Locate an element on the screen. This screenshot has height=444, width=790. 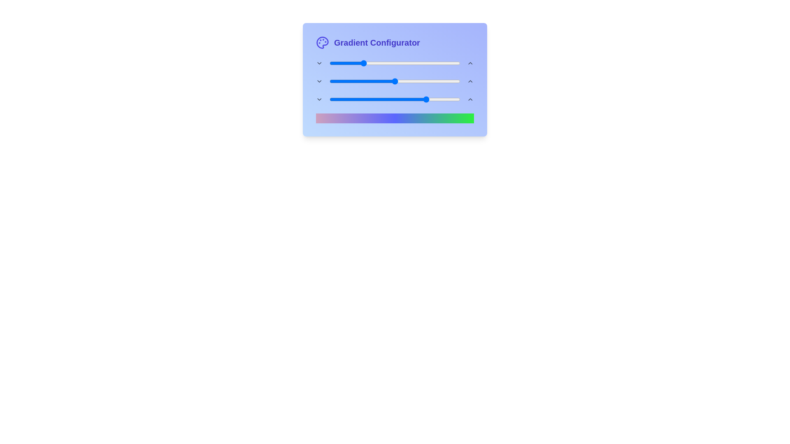
the mid gradient slider to 34 percent is located at coordinates (373, 81).